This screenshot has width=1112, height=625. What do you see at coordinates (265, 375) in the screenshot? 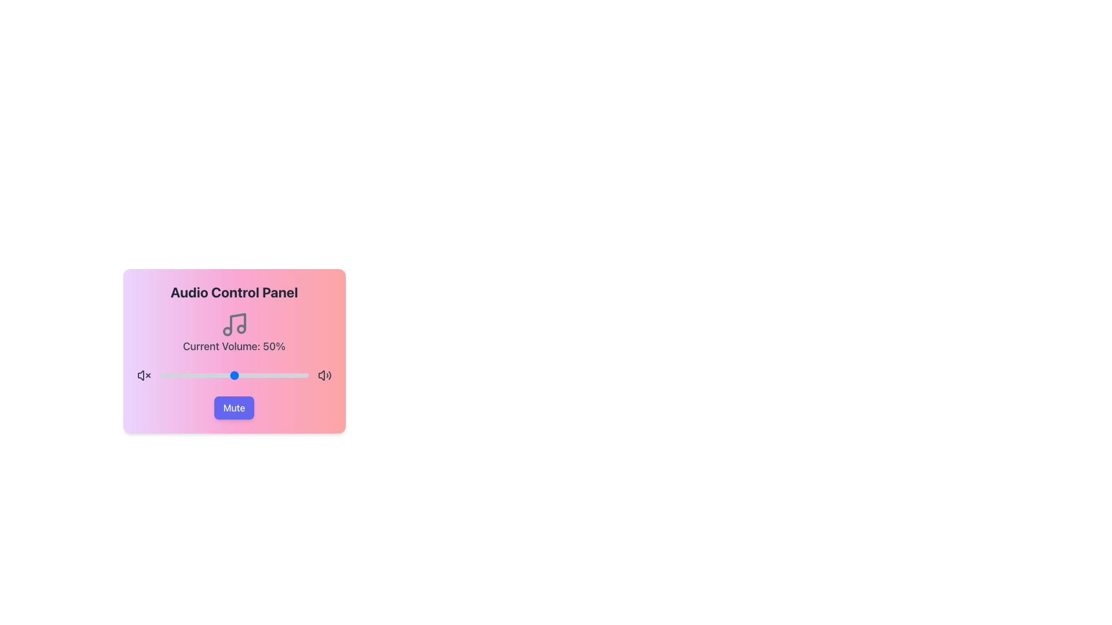
I see `the volume` at bounding box center [265, 375].